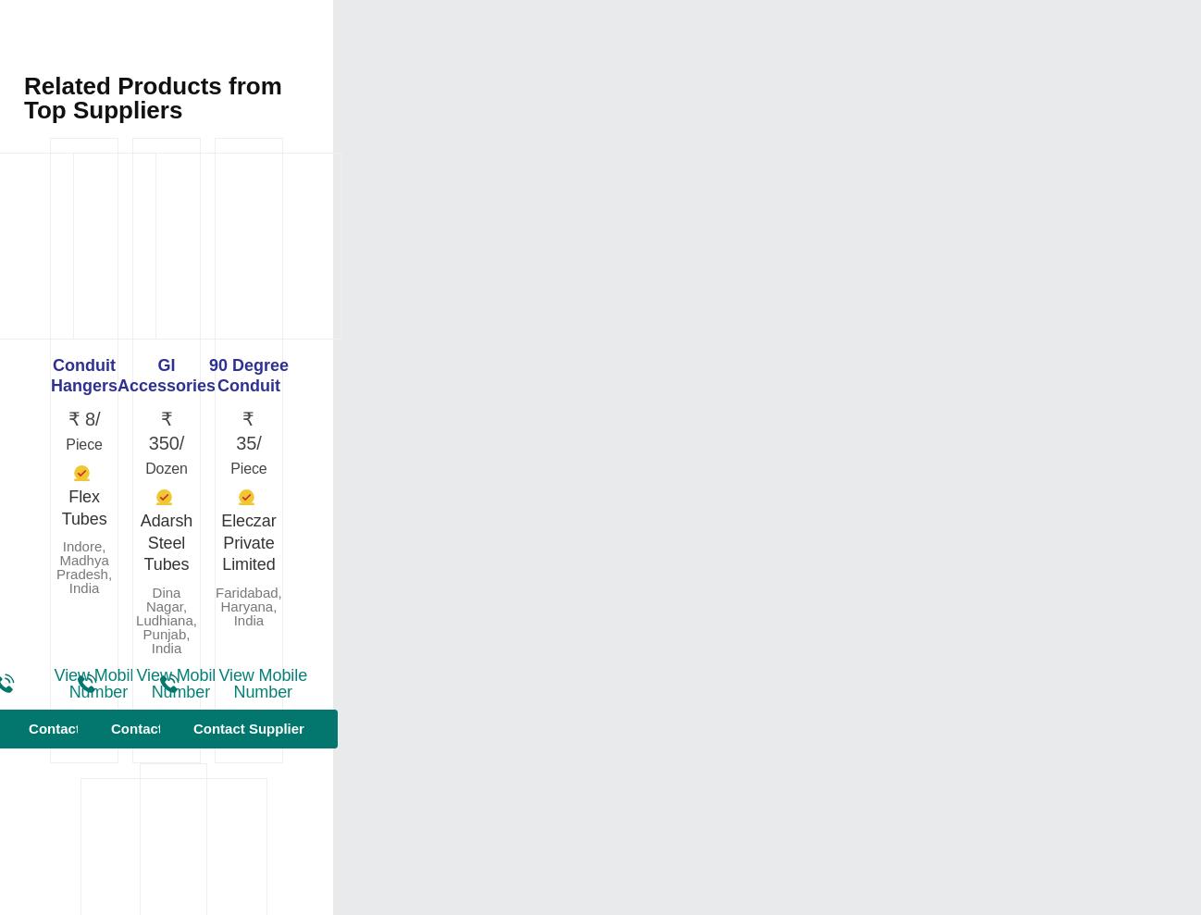  Describe the element at coordinates (151, 98) in the screenshot. I see `'Related Products from Top Suppliers'` at that location.